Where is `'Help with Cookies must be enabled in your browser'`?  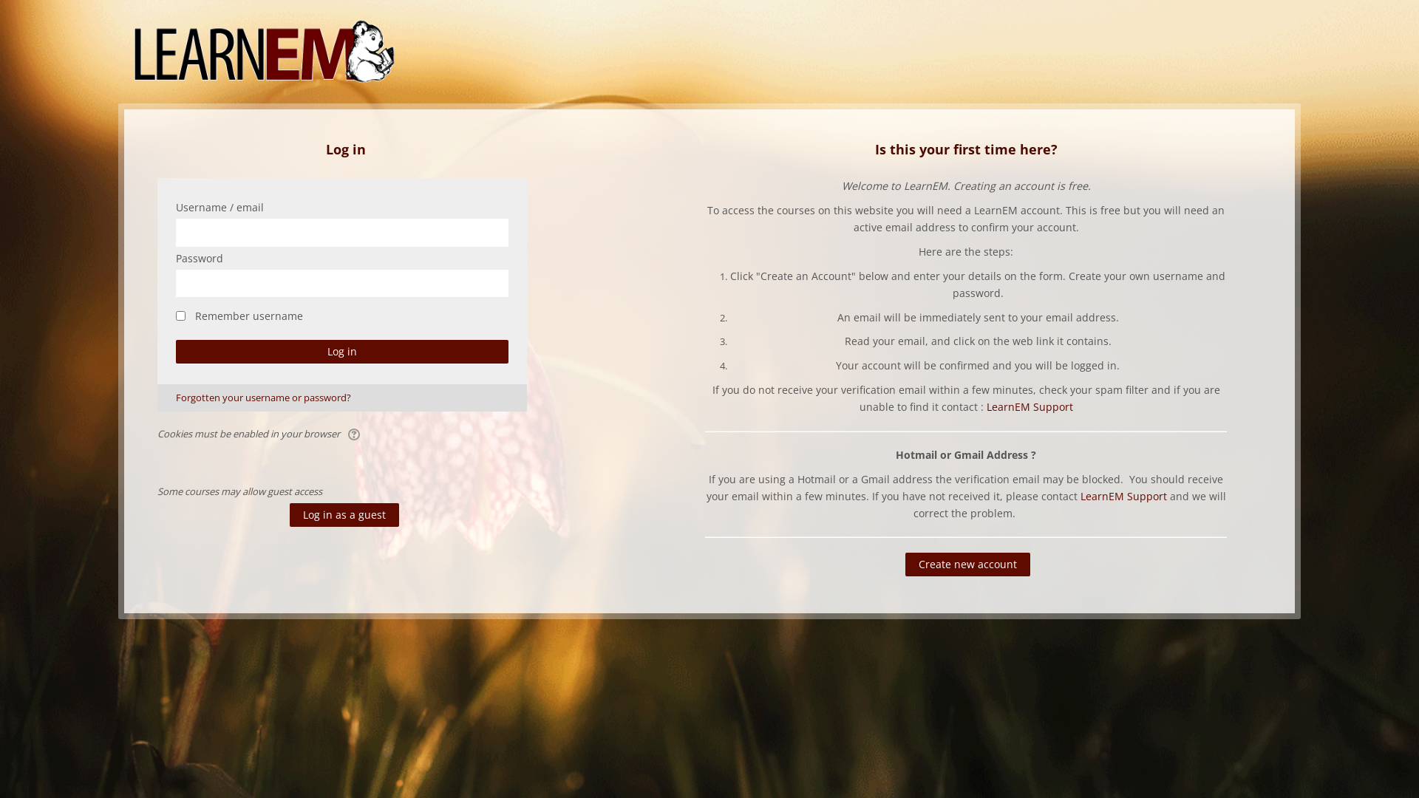
'Help with Cookies must be enabled in your browser' is located at coordinates (355, 432).